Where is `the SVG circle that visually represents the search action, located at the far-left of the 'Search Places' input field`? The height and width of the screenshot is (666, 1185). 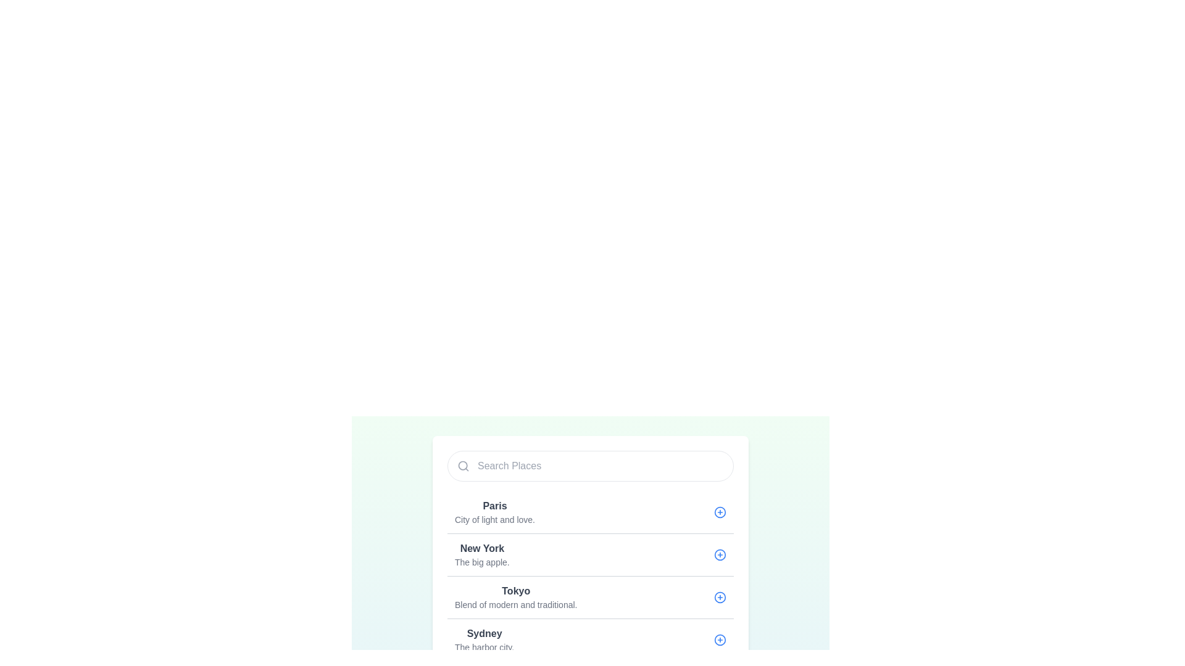 the SVG circle that visually represents the search action, located at the far-left of the 'Search Places' input field is located at coordinates (462, 466).